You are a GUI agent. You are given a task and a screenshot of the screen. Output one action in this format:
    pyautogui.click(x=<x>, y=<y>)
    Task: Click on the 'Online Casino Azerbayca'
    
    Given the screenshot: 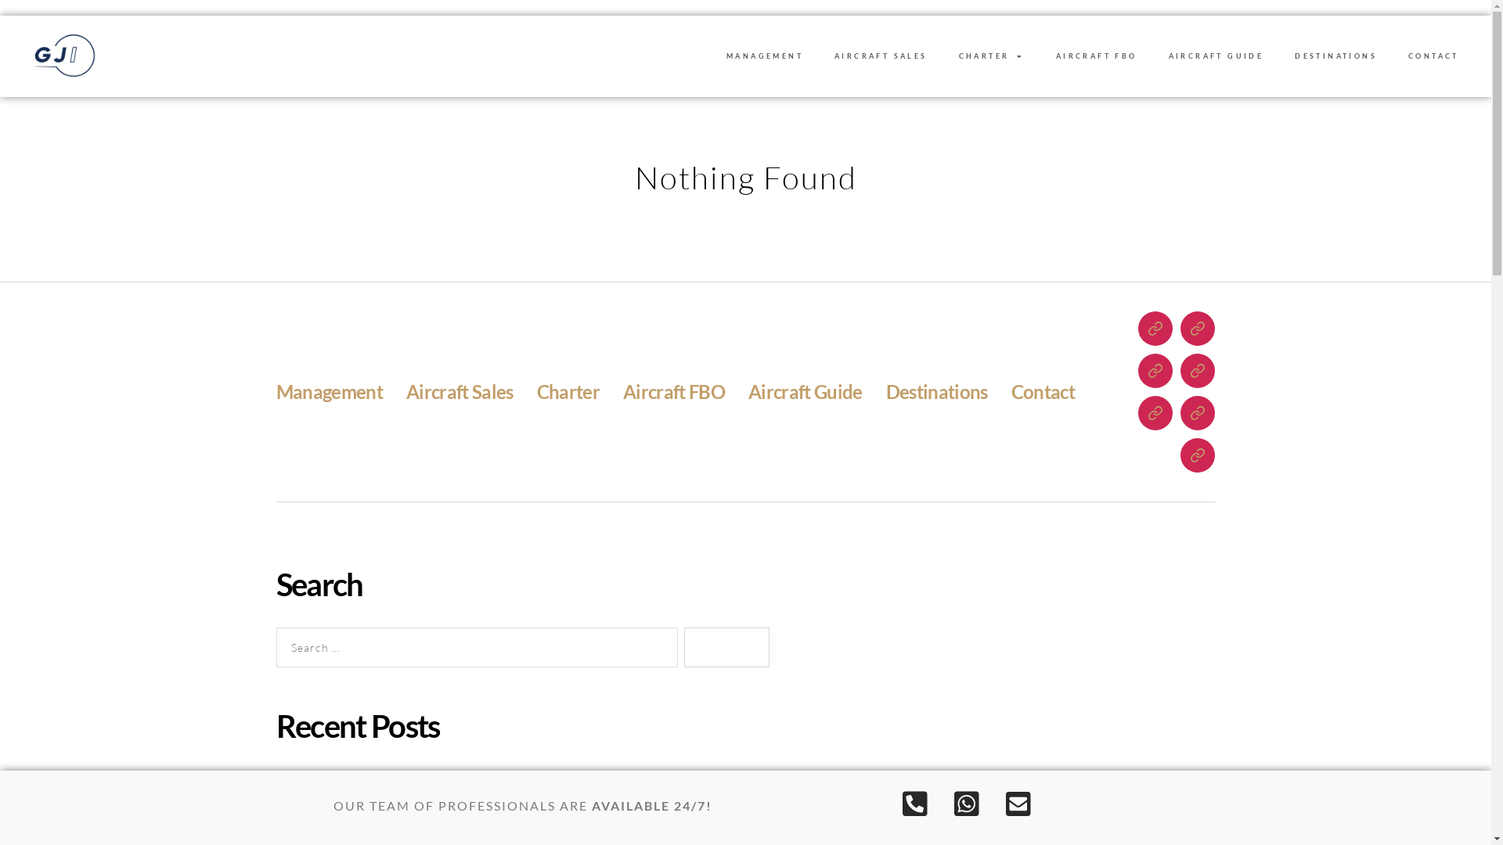 What is the action you would take?
    pyautogui.click(x=379, y=781)
    